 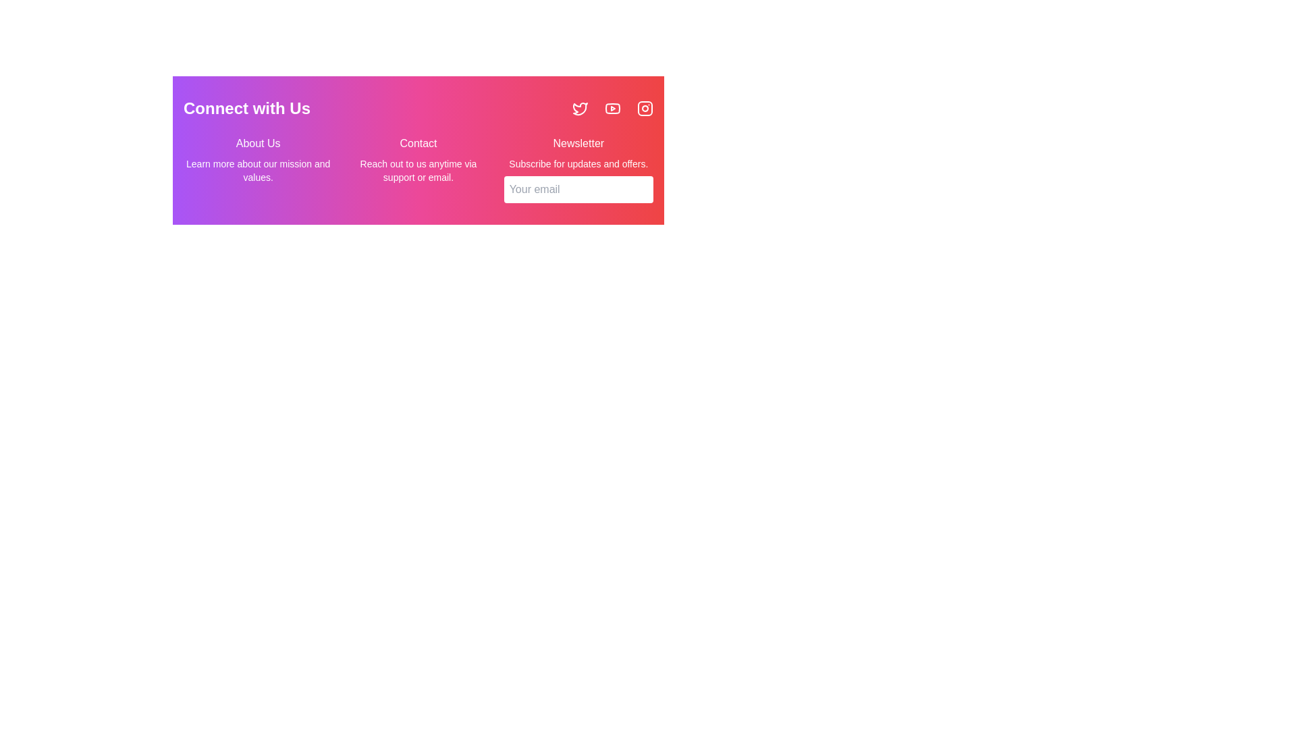 I want to click on the informational Static Text element located under the 'Contact' header, providing guidance on support and email outreach, so click(x=417, y=170).